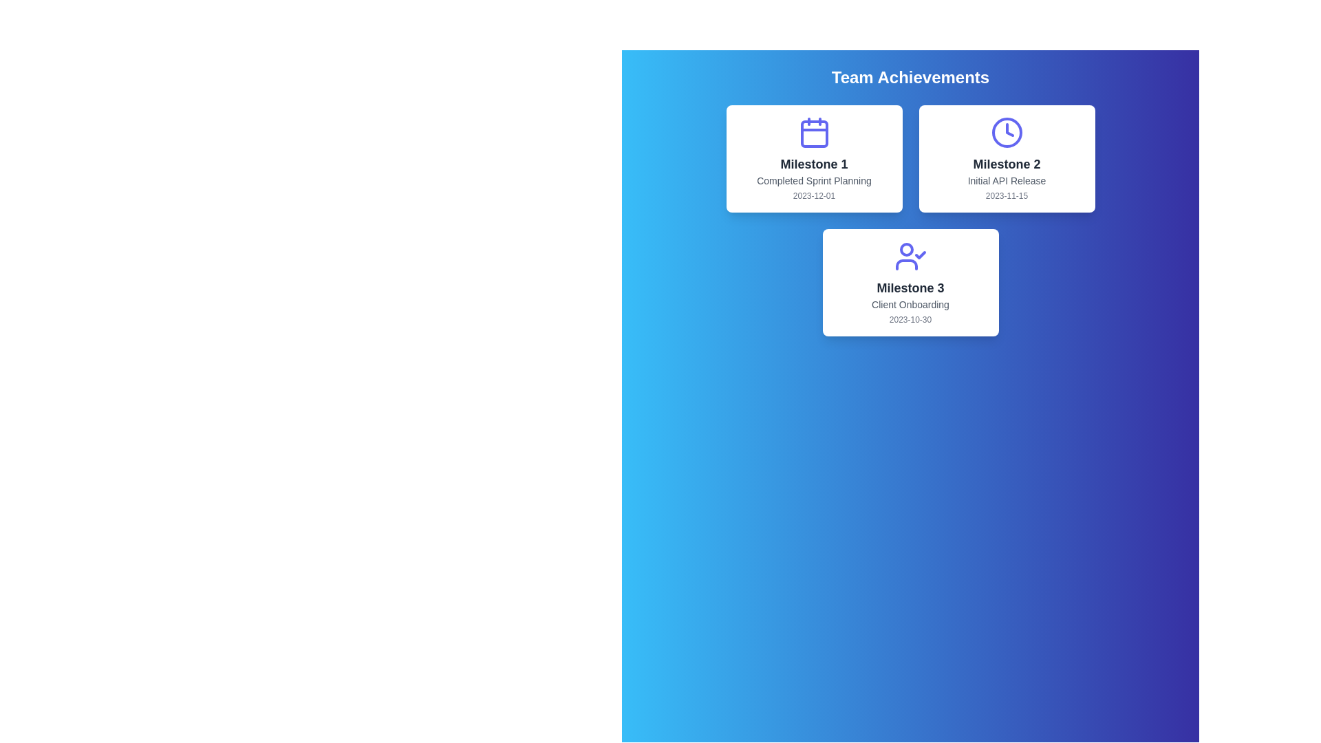  What do you see at coordinates (814, 132) in the screenshot?
I see `the SVG icon representing the calendar located at the upper center of the card for 'Milestone 1', above the text 'Milestone 1' and 'Completed Sprint Planning'` at bounding box center [814, 132].